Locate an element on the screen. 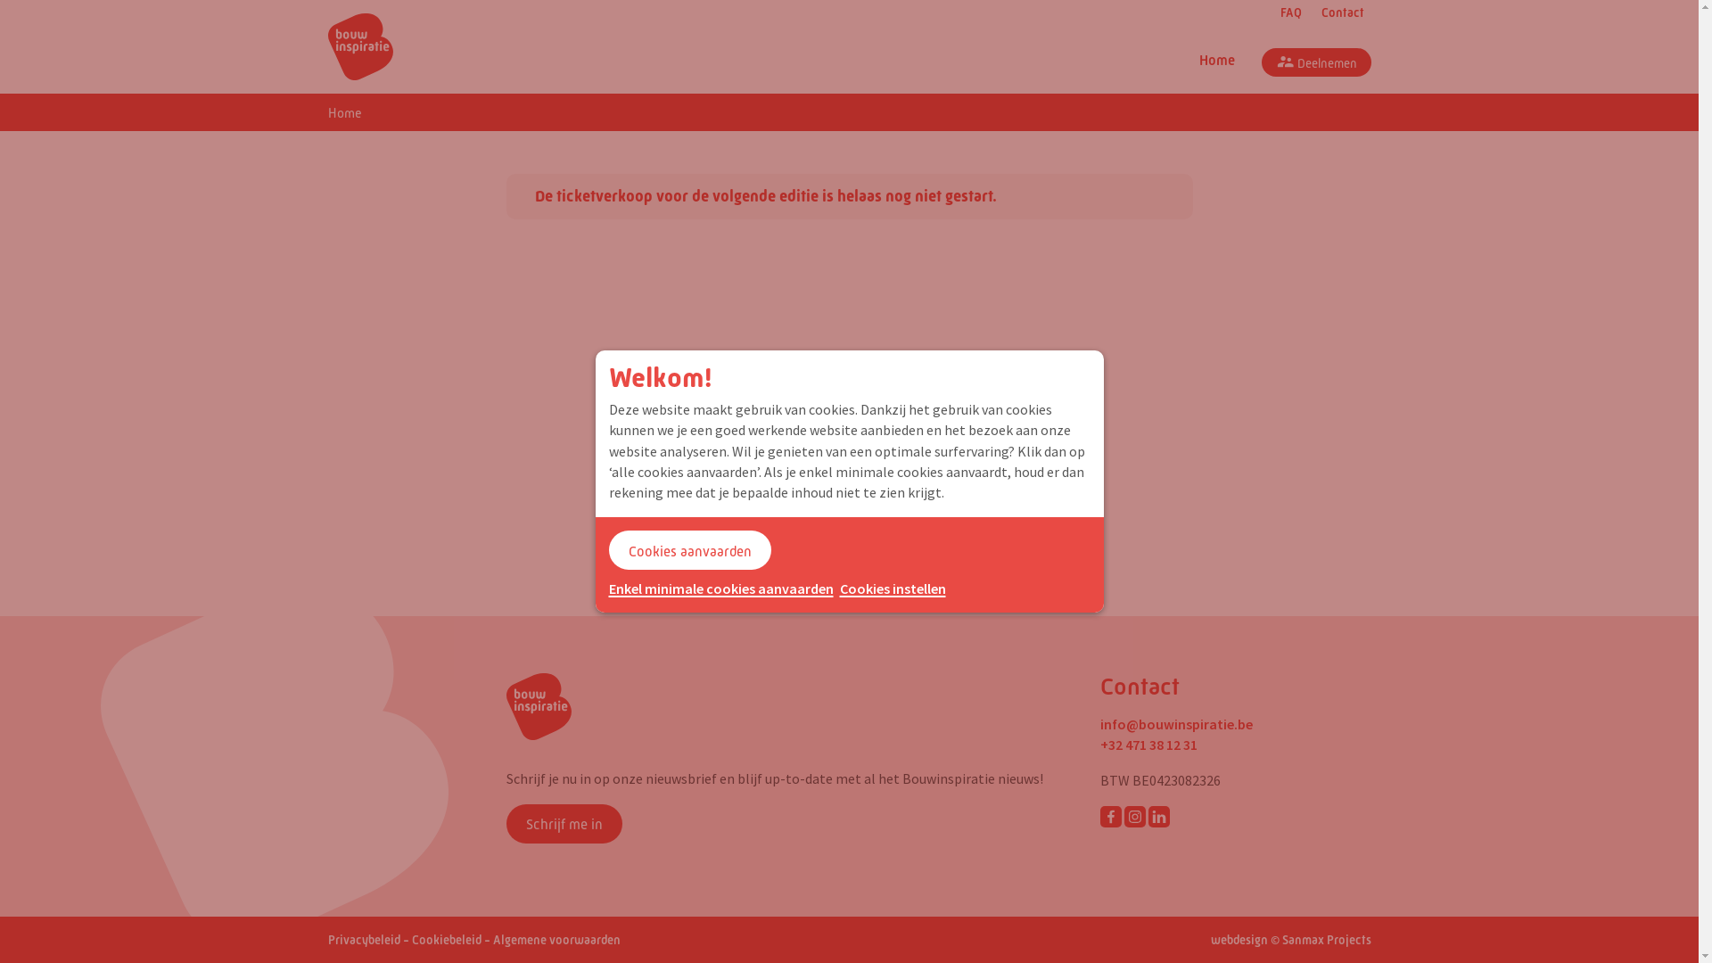 Image resolution: width=1712 pixels, height=963 pixels. 'Cookiebeleid' is located at coordinates (446, 938).